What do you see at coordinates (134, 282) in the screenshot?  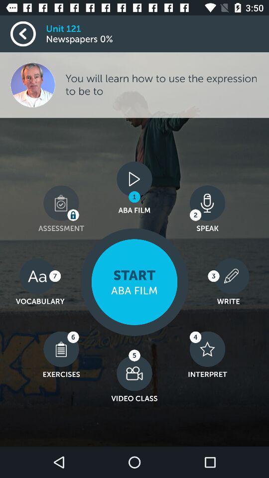 I see `the film` at bounding box center [134, 282].